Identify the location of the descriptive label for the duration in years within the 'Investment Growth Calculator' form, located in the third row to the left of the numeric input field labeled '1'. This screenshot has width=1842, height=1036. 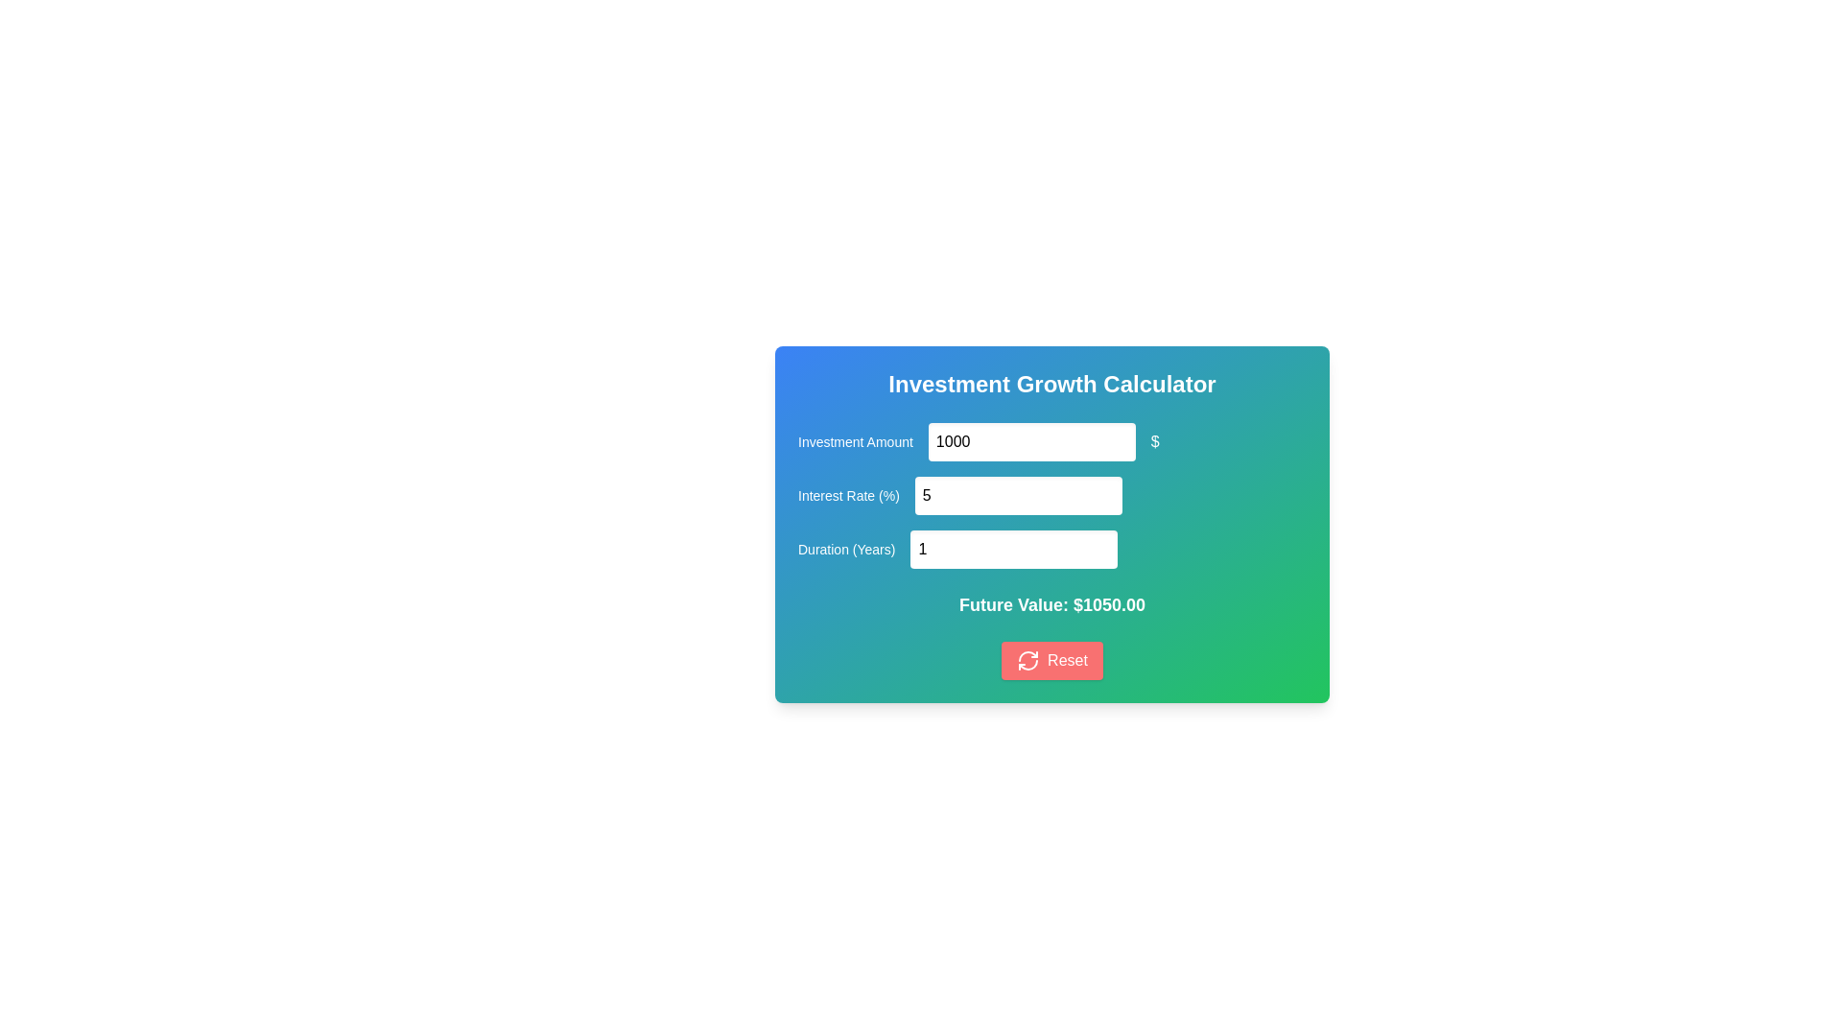
(845, 550).